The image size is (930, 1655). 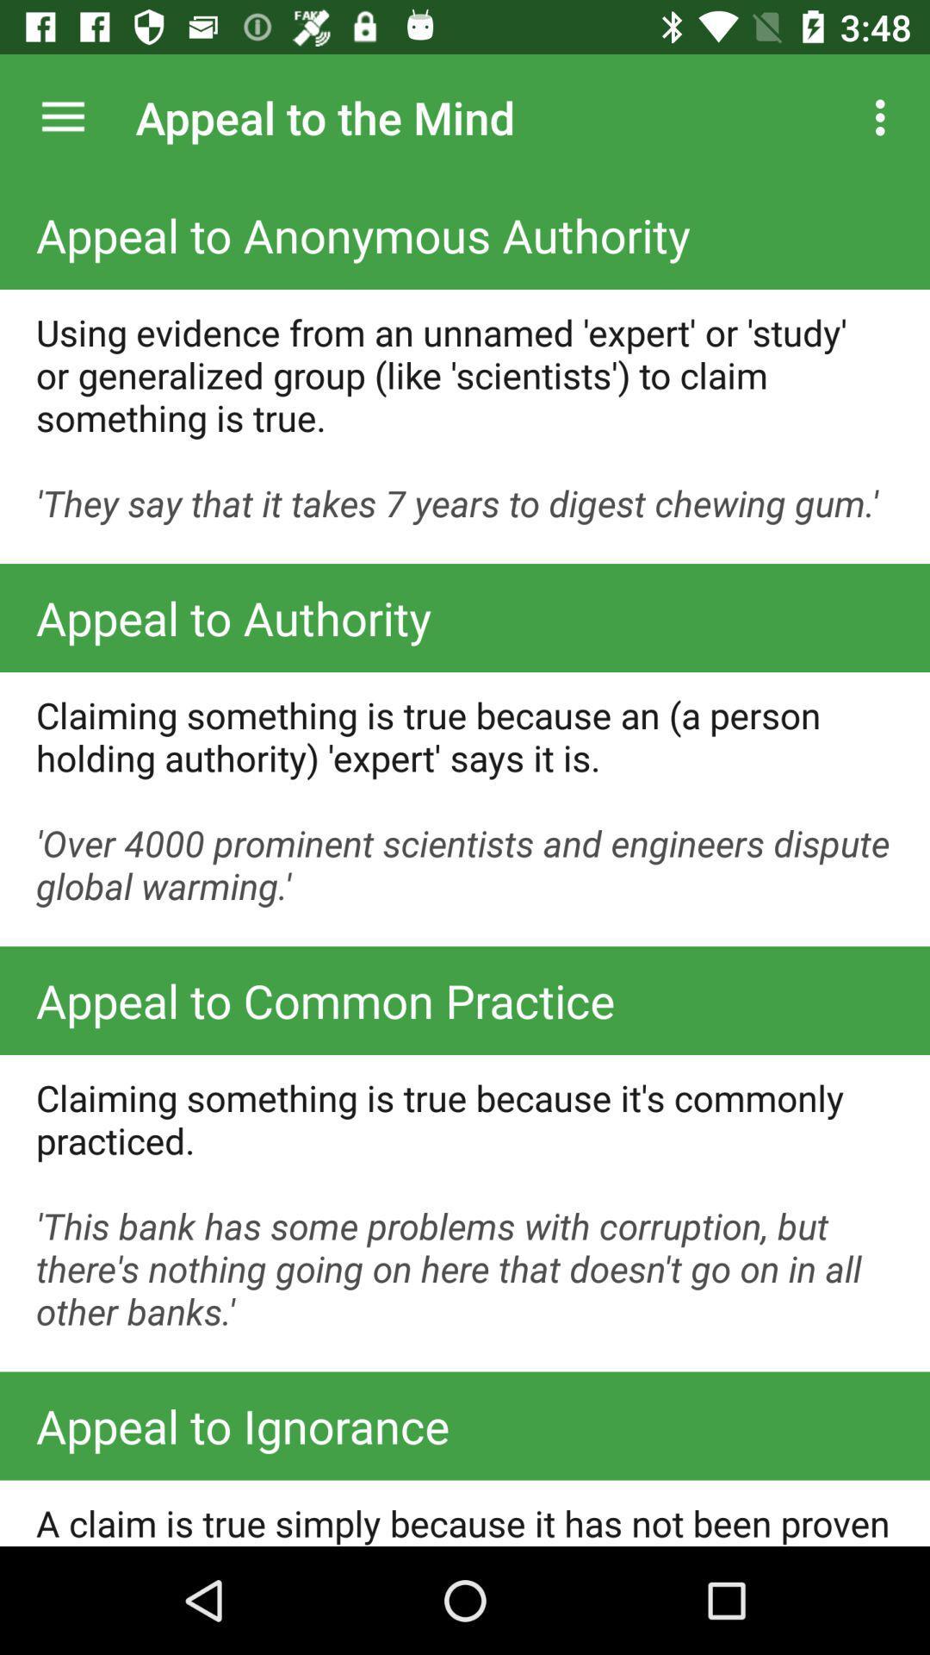 What do you see at coordinates (62, 116) in the screenshot?
I see `app to the left of appeal to the icon` at bounding box center [62, 116].